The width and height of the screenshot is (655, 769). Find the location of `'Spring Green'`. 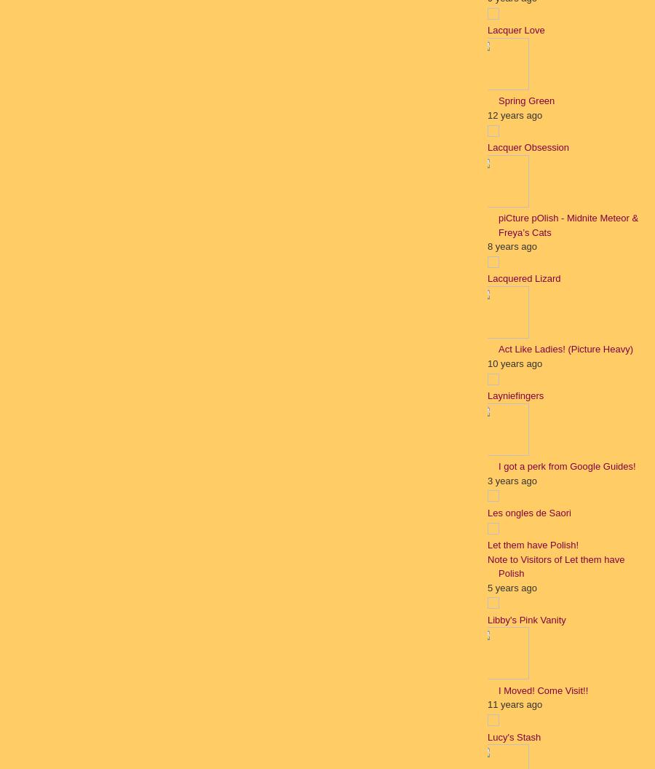

'Spring Green' is located at coordinates (525, 100).